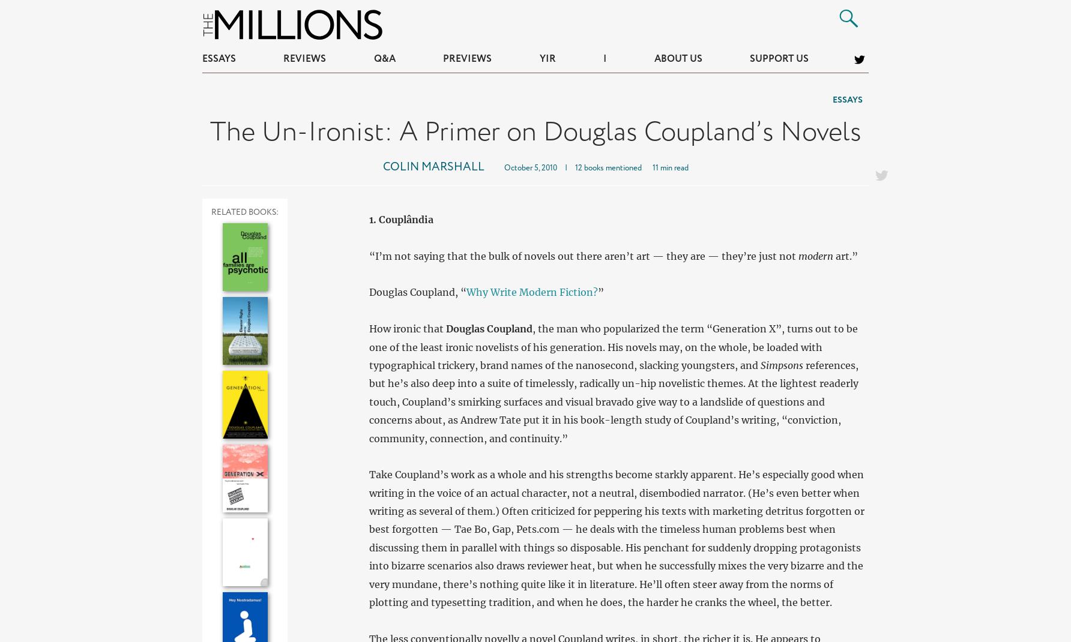  Describe the element at coordinates (400, 218) in the screenshot. I see `'1. Couplândia'` at that location.